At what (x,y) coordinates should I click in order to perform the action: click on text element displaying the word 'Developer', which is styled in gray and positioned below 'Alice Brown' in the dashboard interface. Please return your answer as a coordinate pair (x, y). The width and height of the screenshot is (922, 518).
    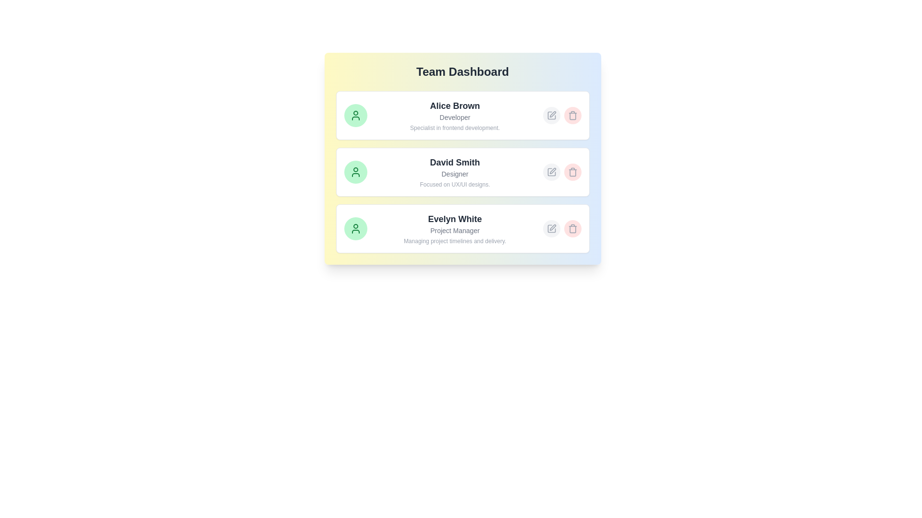
    Looking at the image, I should click on (454, 117).